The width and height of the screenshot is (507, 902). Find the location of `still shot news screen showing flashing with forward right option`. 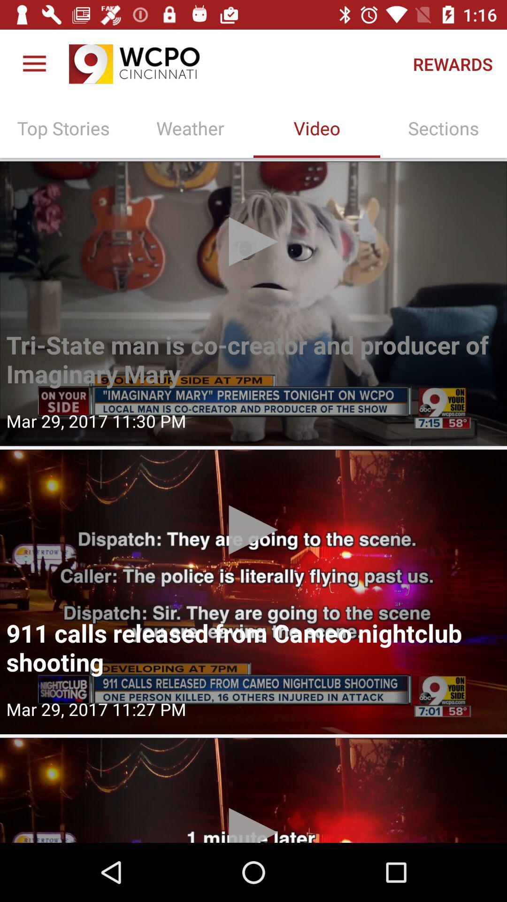

still shot news screen showing flashing with forward right option is located at coordinates (253, 303).